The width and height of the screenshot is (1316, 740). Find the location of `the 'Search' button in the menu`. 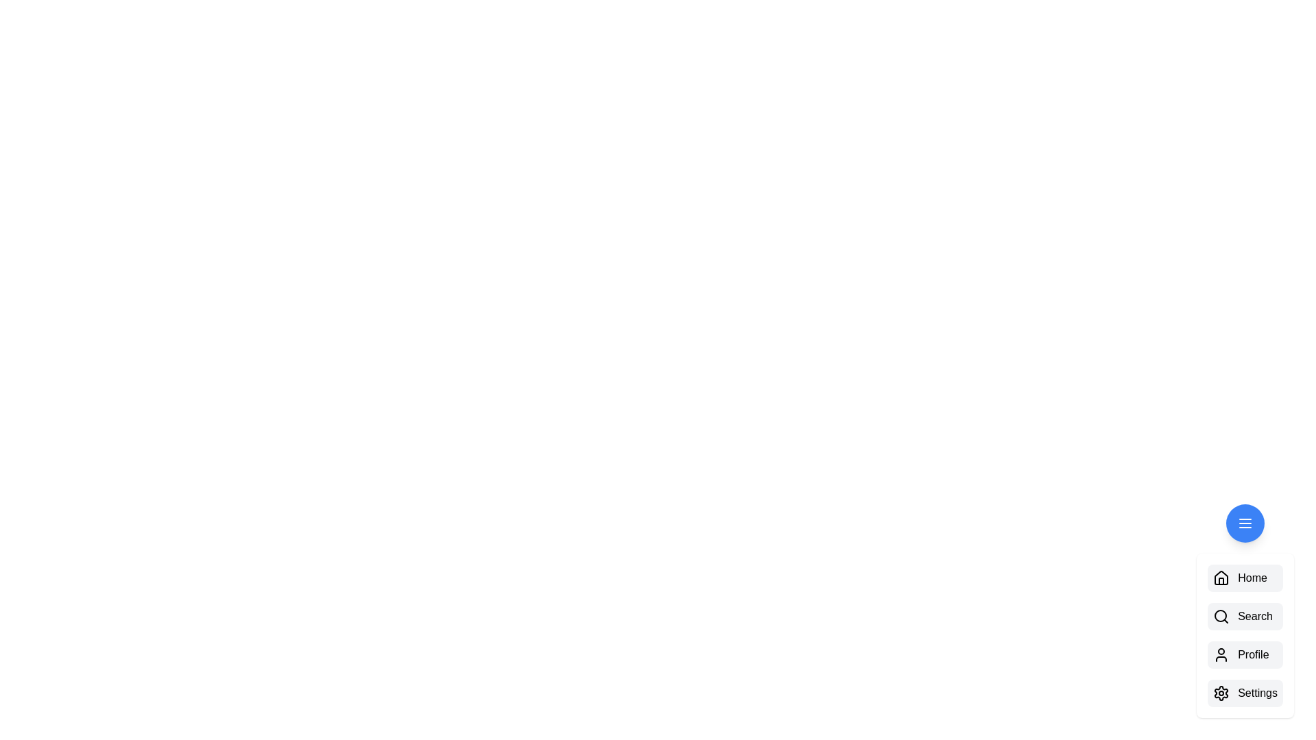

the 'Search' button in the menu is located at coordinates (1245, 615).